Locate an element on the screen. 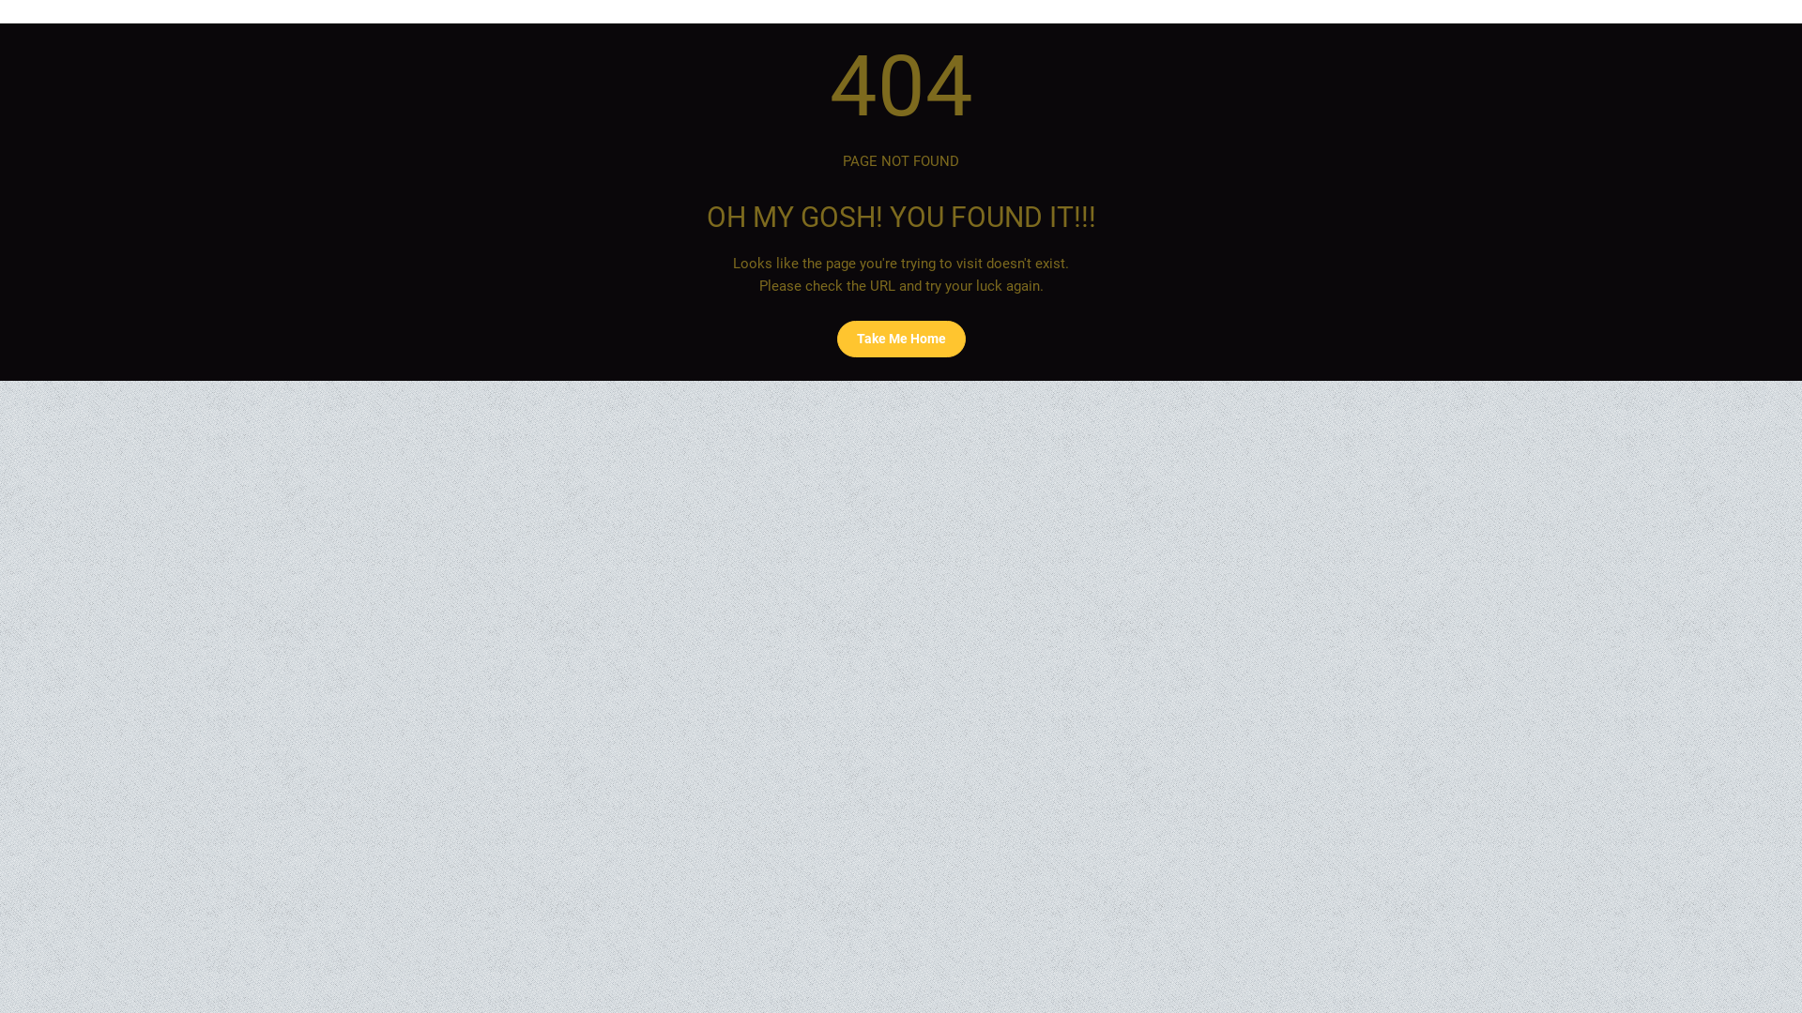  'Take Me Home' is located at coordinates (901, 339).